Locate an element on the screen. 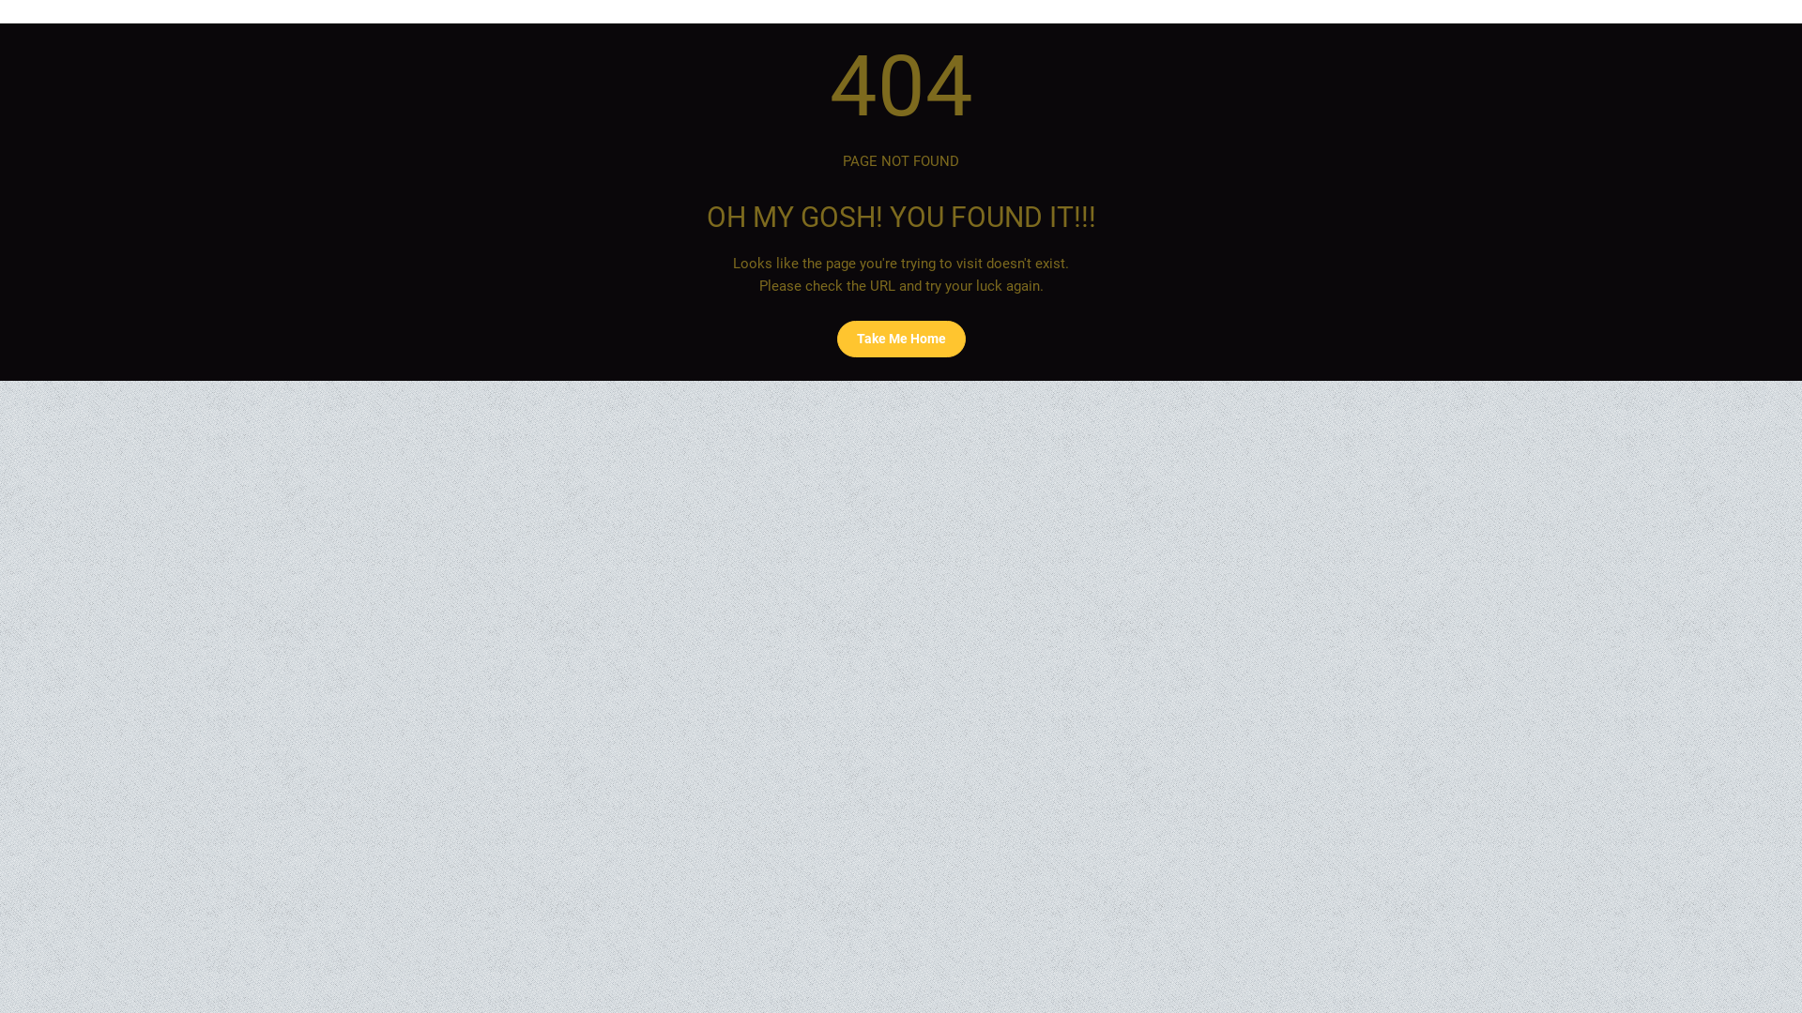  'Take Me Home' is located at coordinates (901, 339).